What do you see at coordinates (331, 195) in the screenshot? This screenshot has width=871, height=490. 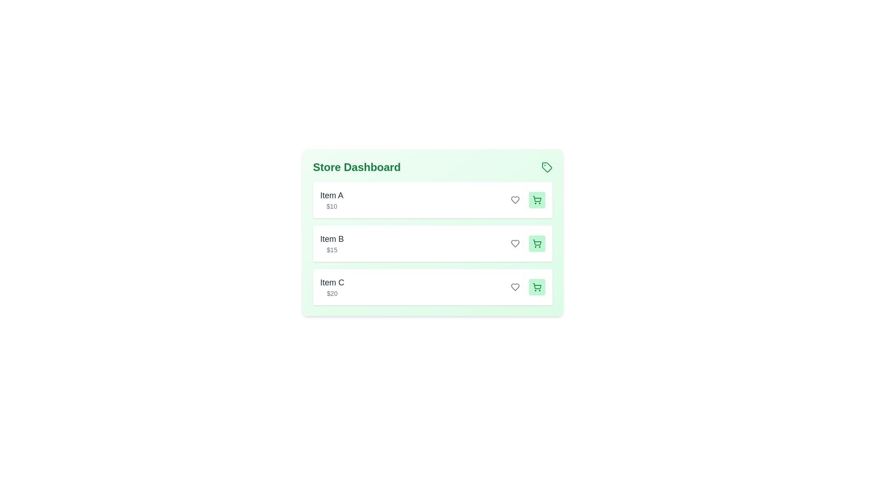 I see `the bold black text label reading 'Item A', which is the primary title in the first entry of the list on the dashboard interface, positioned above the price label '$10'` at bounding box center [331, 195].